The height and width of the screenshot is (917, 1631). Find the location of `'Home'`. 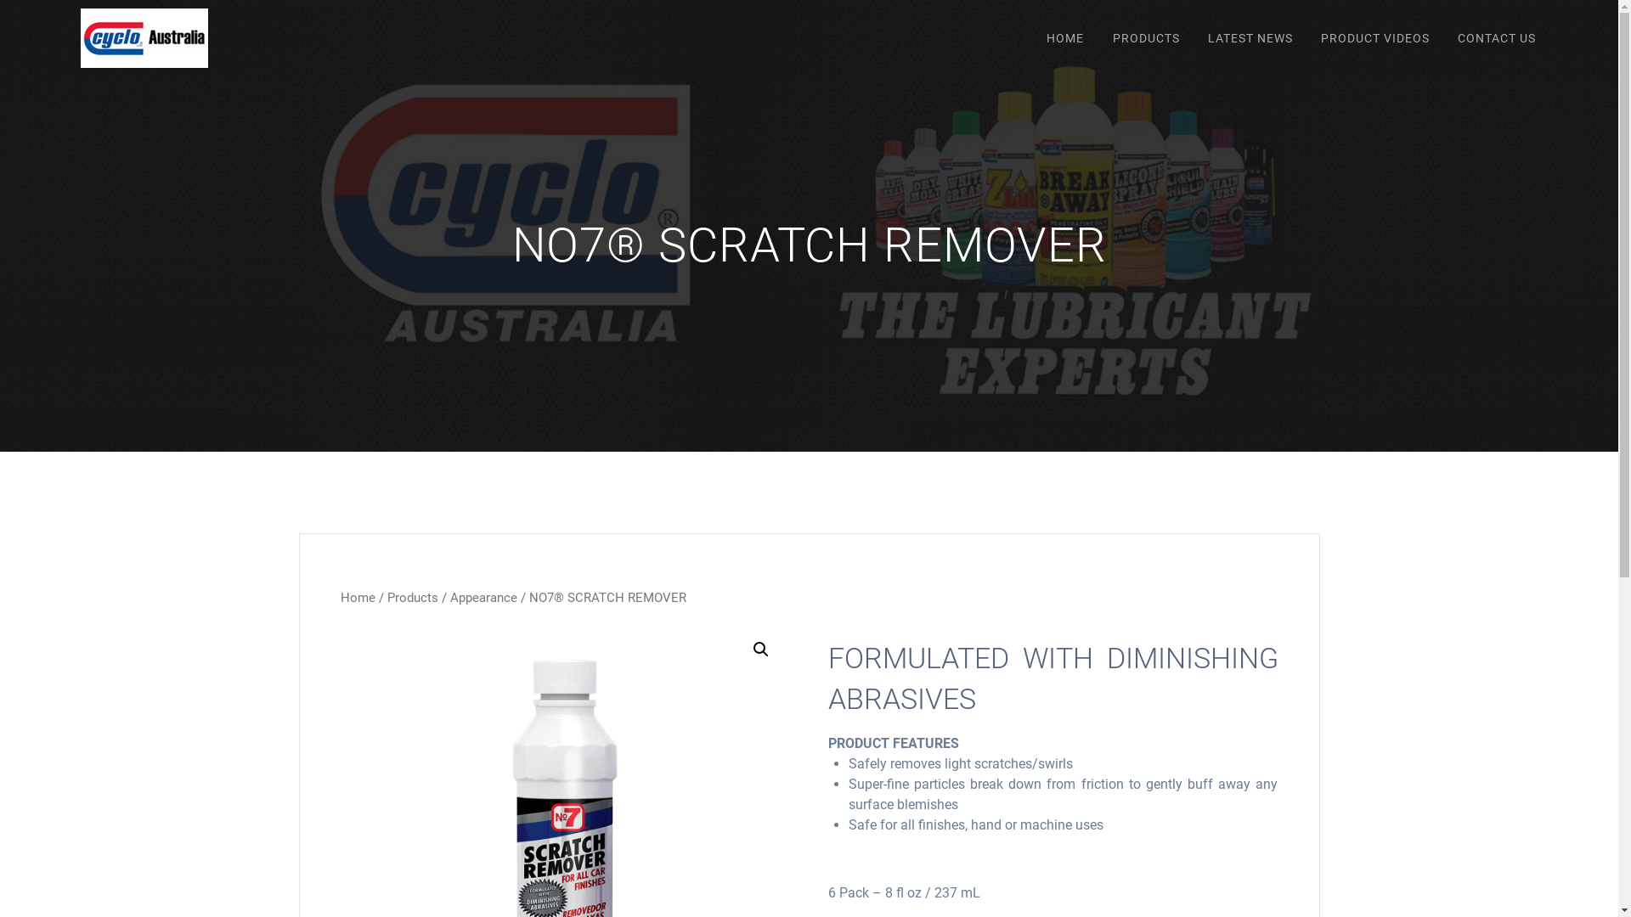

'Home' is located at coordinates (356, 597).